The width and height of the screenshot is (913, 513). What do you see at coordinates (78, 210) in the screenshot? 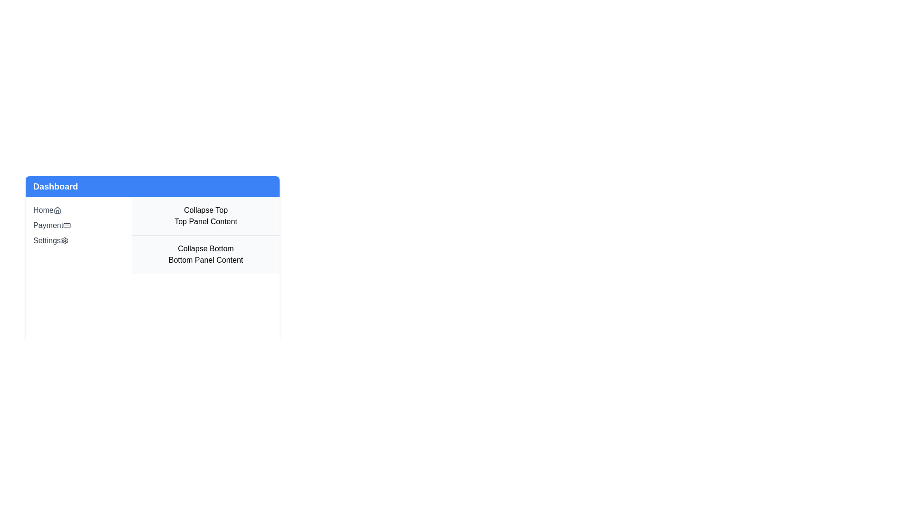
I see `the 'Home' navigation button located in the left sidebar` at bounding box center [78, 210].